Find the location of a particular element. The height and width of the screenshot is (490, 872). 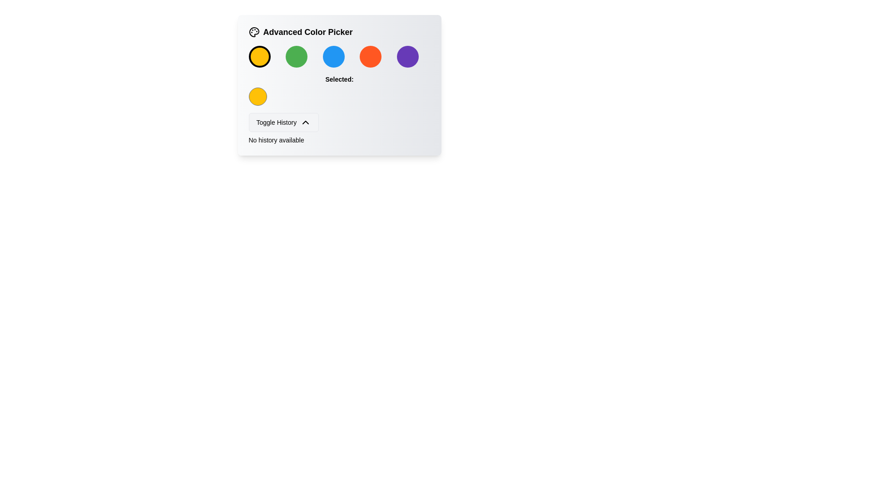

the button that toggles the display of historical information, located below the color picker section and above the text 'No history available' is located at coordinates (283, 122).